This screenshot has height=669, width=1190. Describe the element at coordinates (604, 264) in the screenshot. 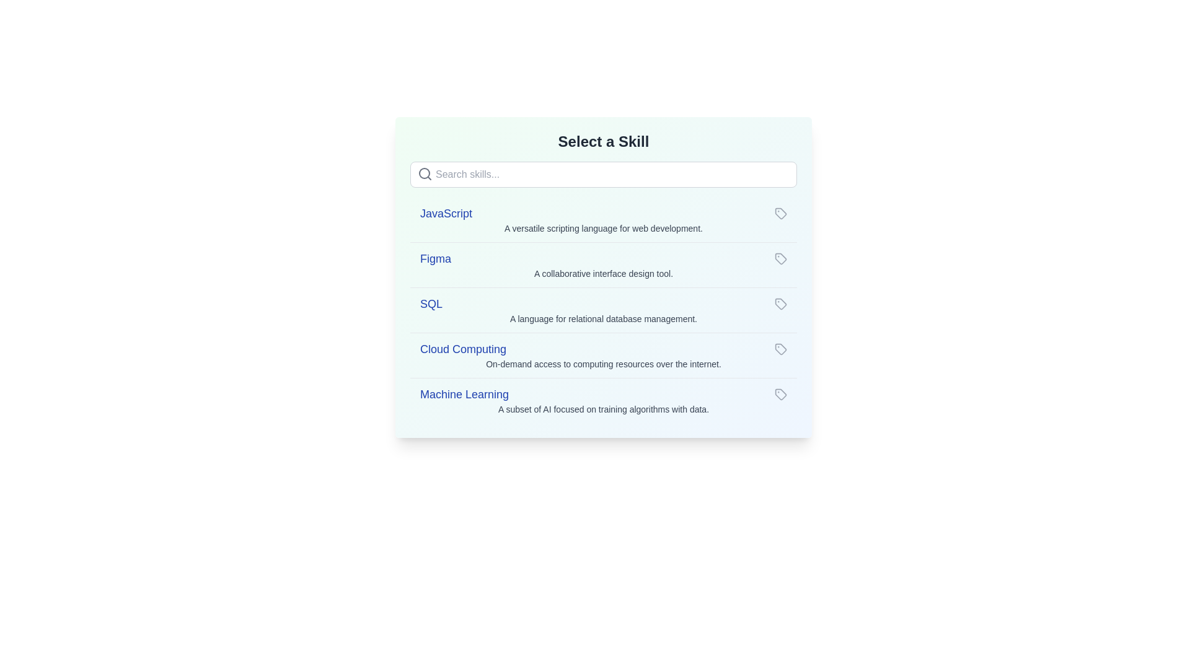

I see `the second list item labeled 'Figma', which features bold blue text and a gray description, located under the title 'Select a Skill'` at that location.